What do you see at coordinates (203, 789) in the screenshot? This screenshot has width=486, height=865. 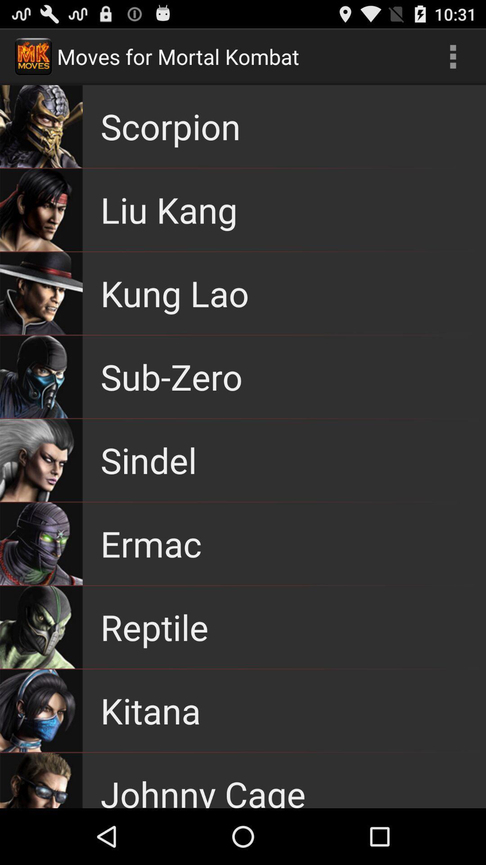 I see `the icon at the bottom` at bounding box center [203, 789].